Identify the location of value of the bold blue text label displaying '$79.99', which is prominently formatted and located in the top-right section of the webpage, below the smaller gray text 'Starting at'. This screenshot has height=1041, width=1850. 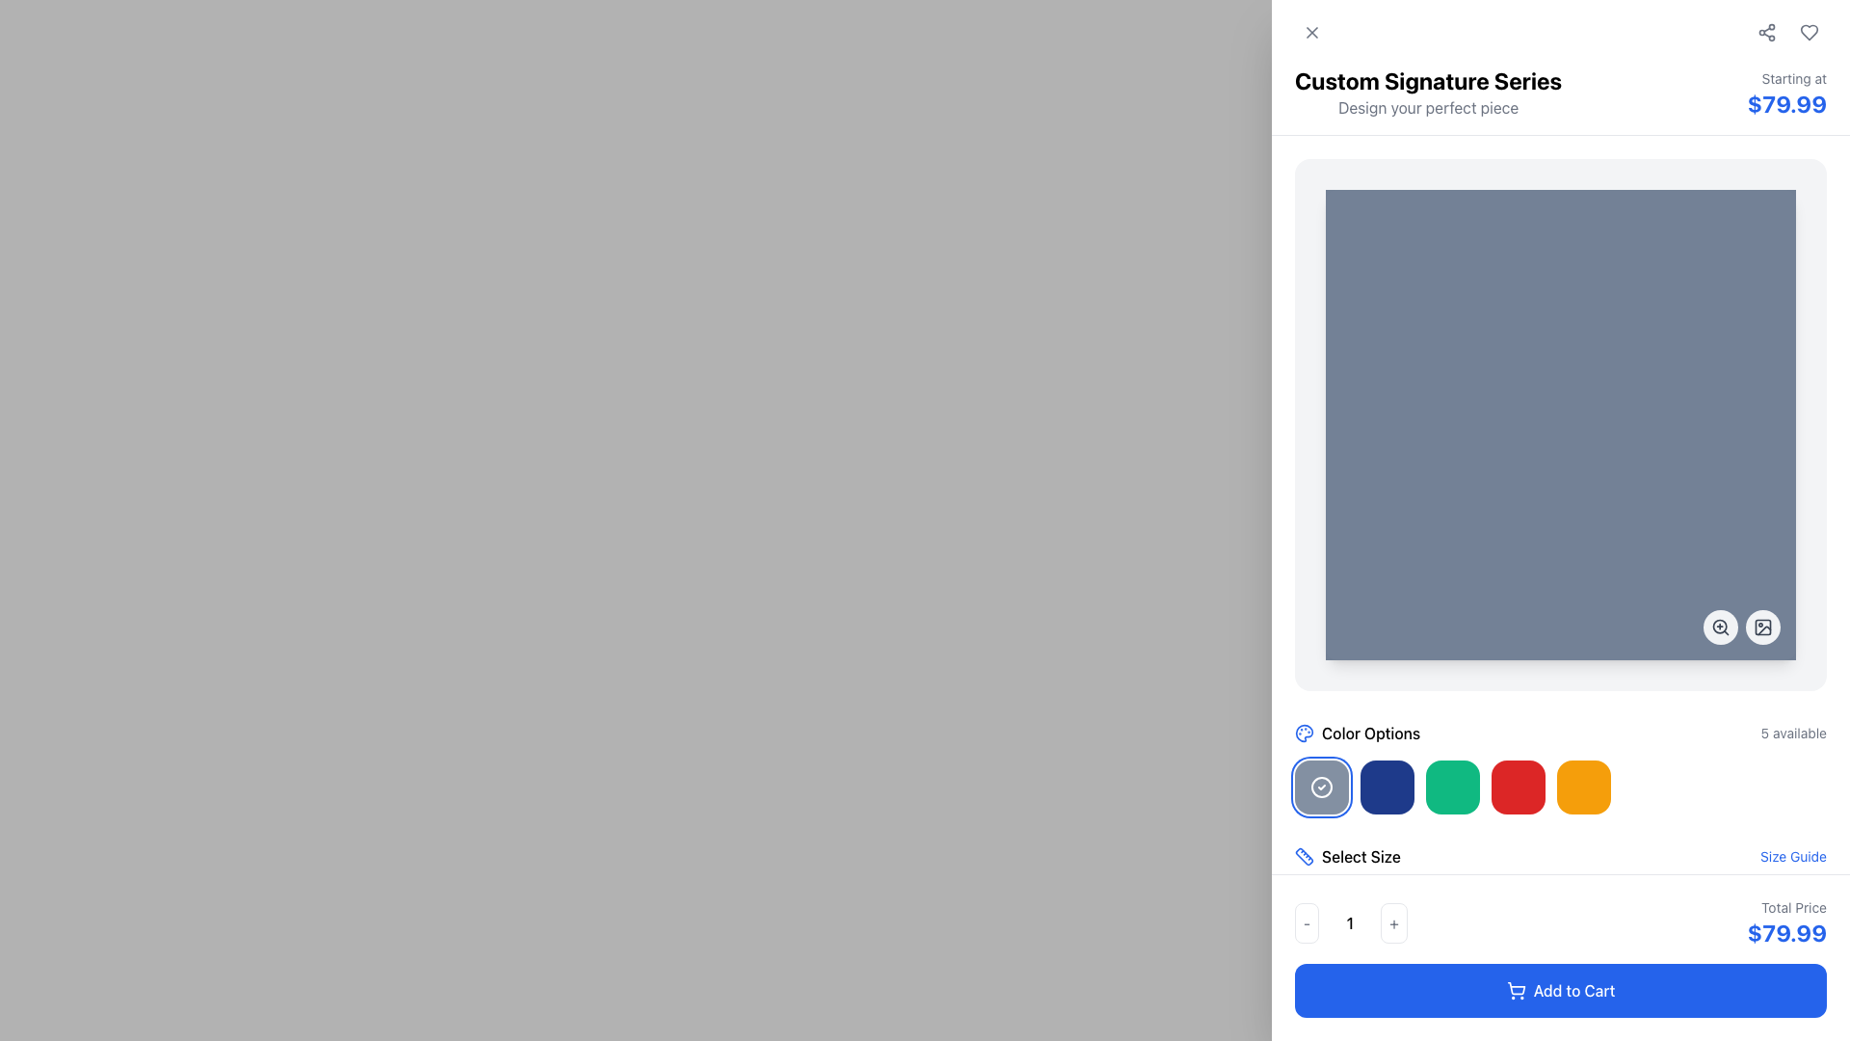
(1785, 104).